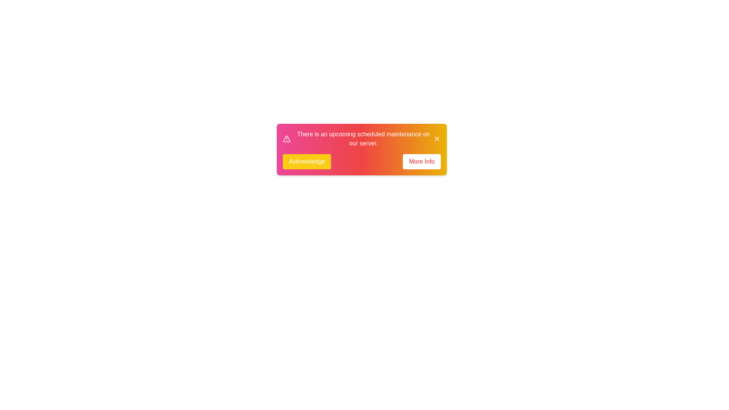 This screenshot has height=410, width=729. What do you see at coordinates (307, 161) in the screenshot?
I see `the 'Acknowledge' button to acknowledge the notification` at bounding box center [307, 161].